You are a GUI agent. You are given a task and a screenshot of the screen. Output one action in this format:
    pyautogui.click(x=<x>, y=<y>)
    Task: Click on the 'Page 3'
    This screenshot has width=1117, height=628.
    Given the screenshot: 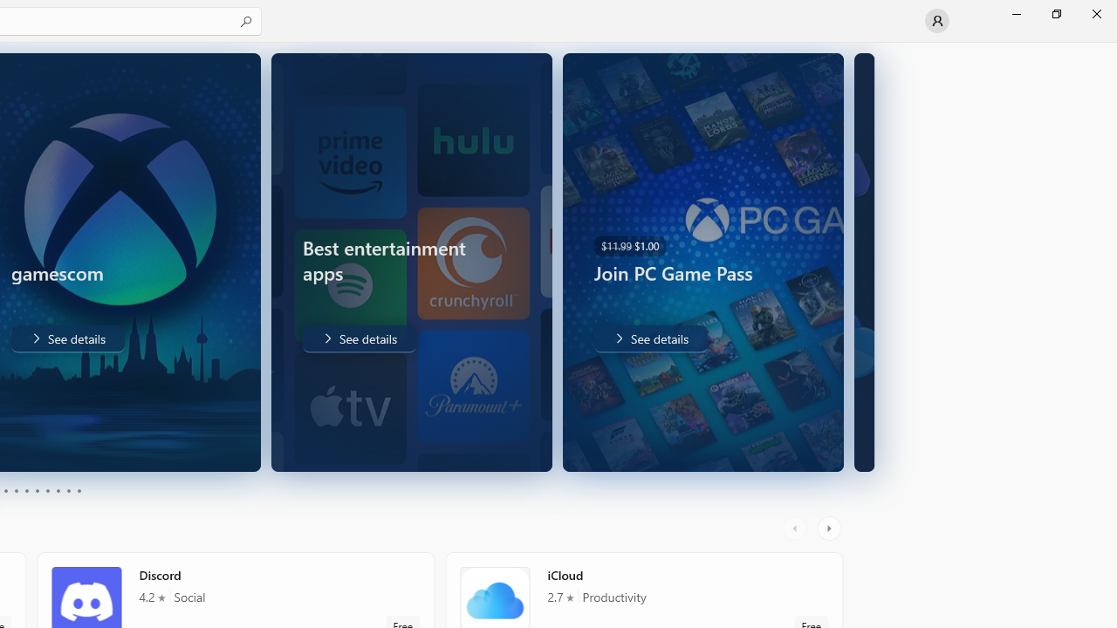 What is the action you would take?
    pyautogui.click(x=4, y=491)
    